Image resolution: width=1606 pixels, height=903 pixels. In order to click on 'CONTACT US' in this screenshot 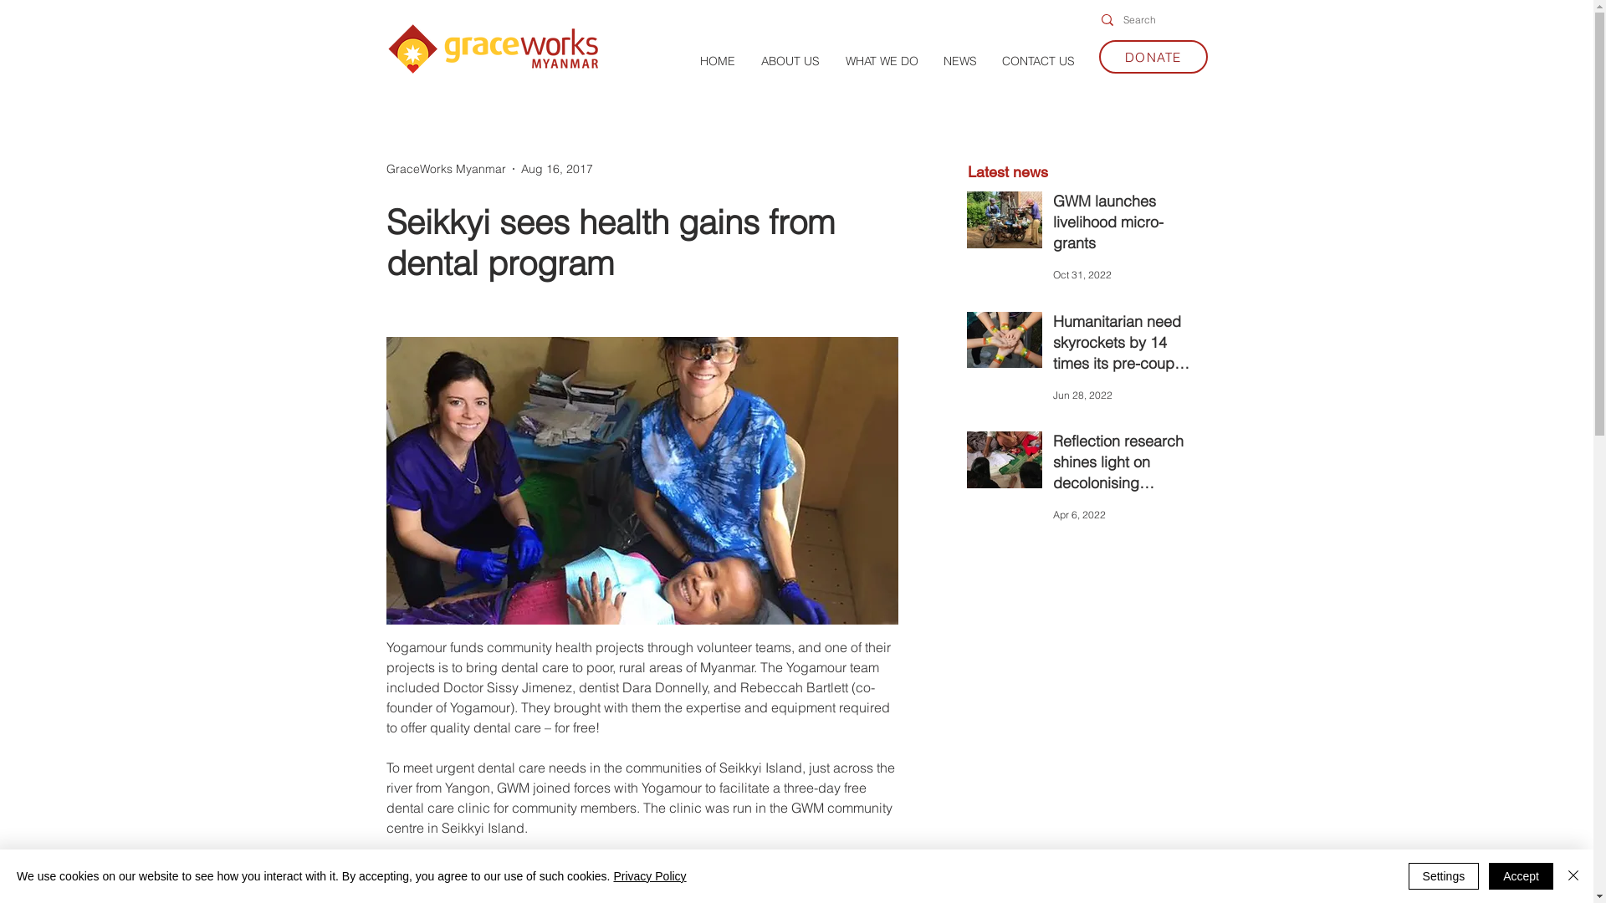, I will do `click(1036, 60)`.